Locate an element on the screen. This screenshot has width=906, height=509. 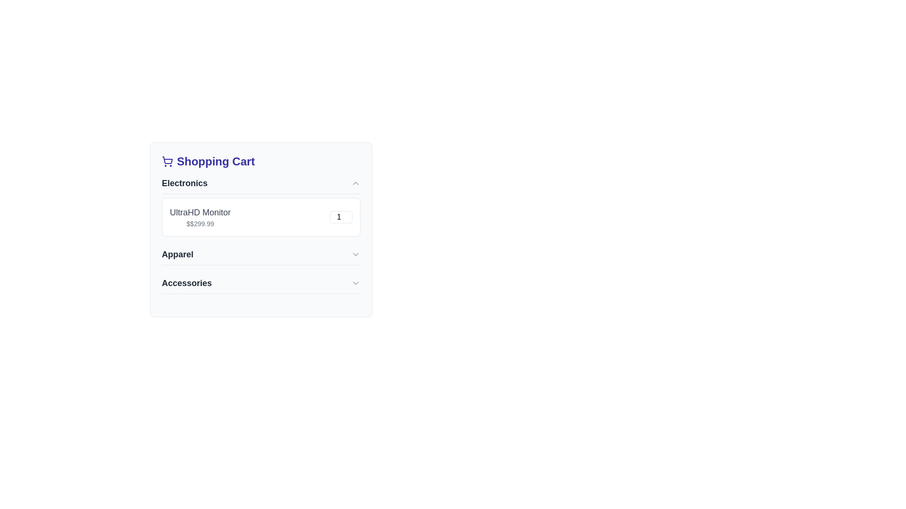
the 'UltraHD Monitor' text label, which serves as a product title located in the shopping cart under the 'Electronics' section is located at coordinates (200, 213).